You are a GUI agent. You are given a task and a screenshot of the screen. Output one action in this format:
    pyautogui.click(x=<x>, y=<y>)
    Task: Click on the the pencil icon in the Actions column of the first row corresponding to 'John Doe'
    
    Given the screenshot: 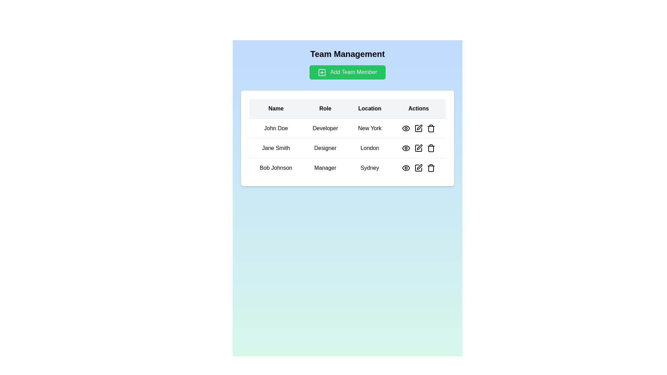 What is the action you would take?
    pyautogui.click(x=418, y=128)
    